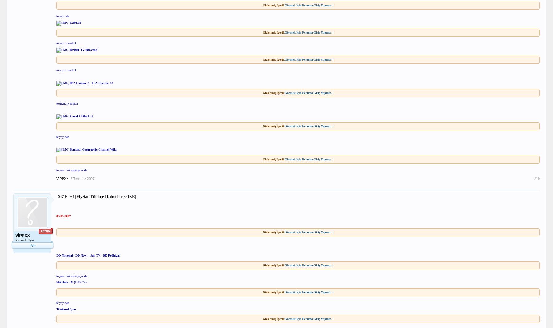 The image size is (553, 328). I want to click on 'La8/La9', so click(75, 22).